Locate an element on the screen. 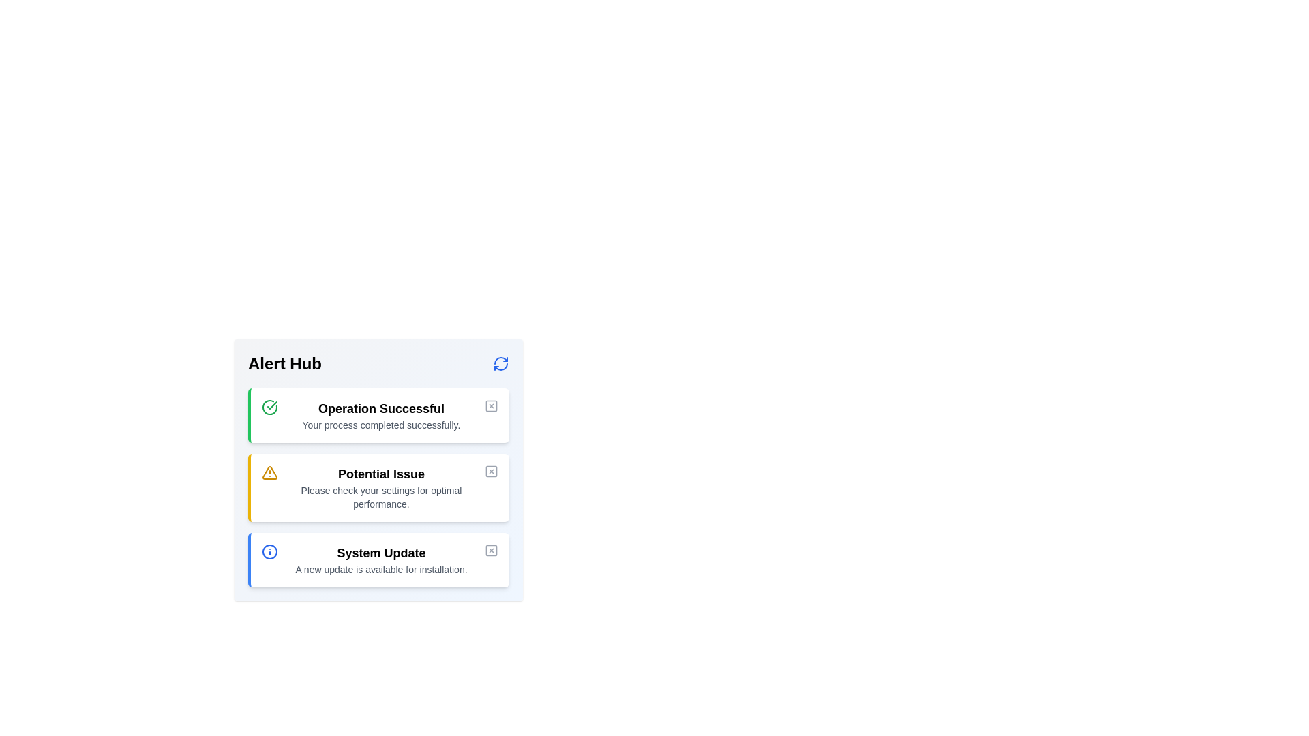 Image resolution: width=1309 pixels, height=736 pixels. the outlined square icon located to the far right of the 'Potential Issue' notification header is located at coordinates (491, 470).